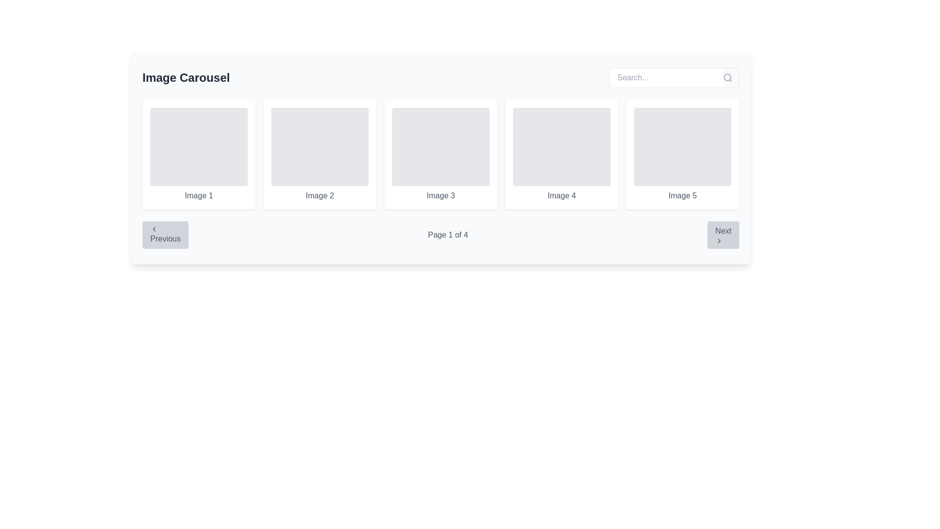 The image size is (940, 529). What do you see at coordinates (723, 235) in the screenshot?
I see `the 'Next' button, which is styled with a gray background and rounded corners, located at the rightmost end of the navigation bar` at bounding box center [723, 235].